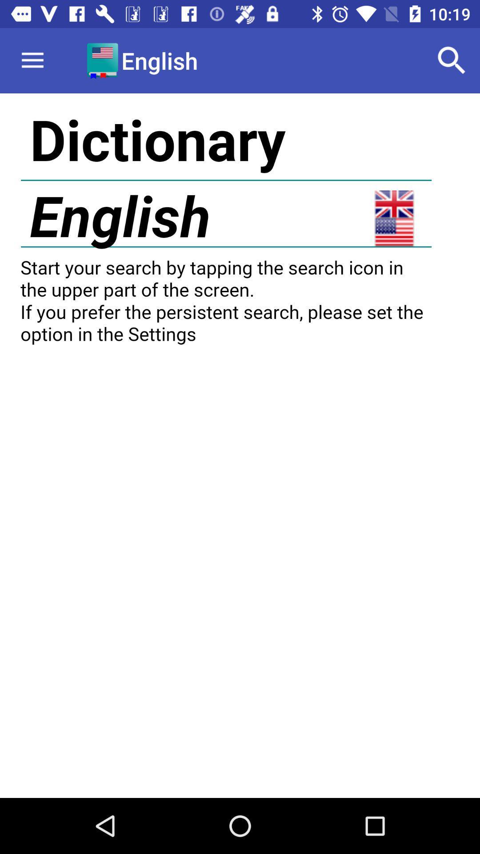  I want to click on for dictionary option, so click(240, 446).